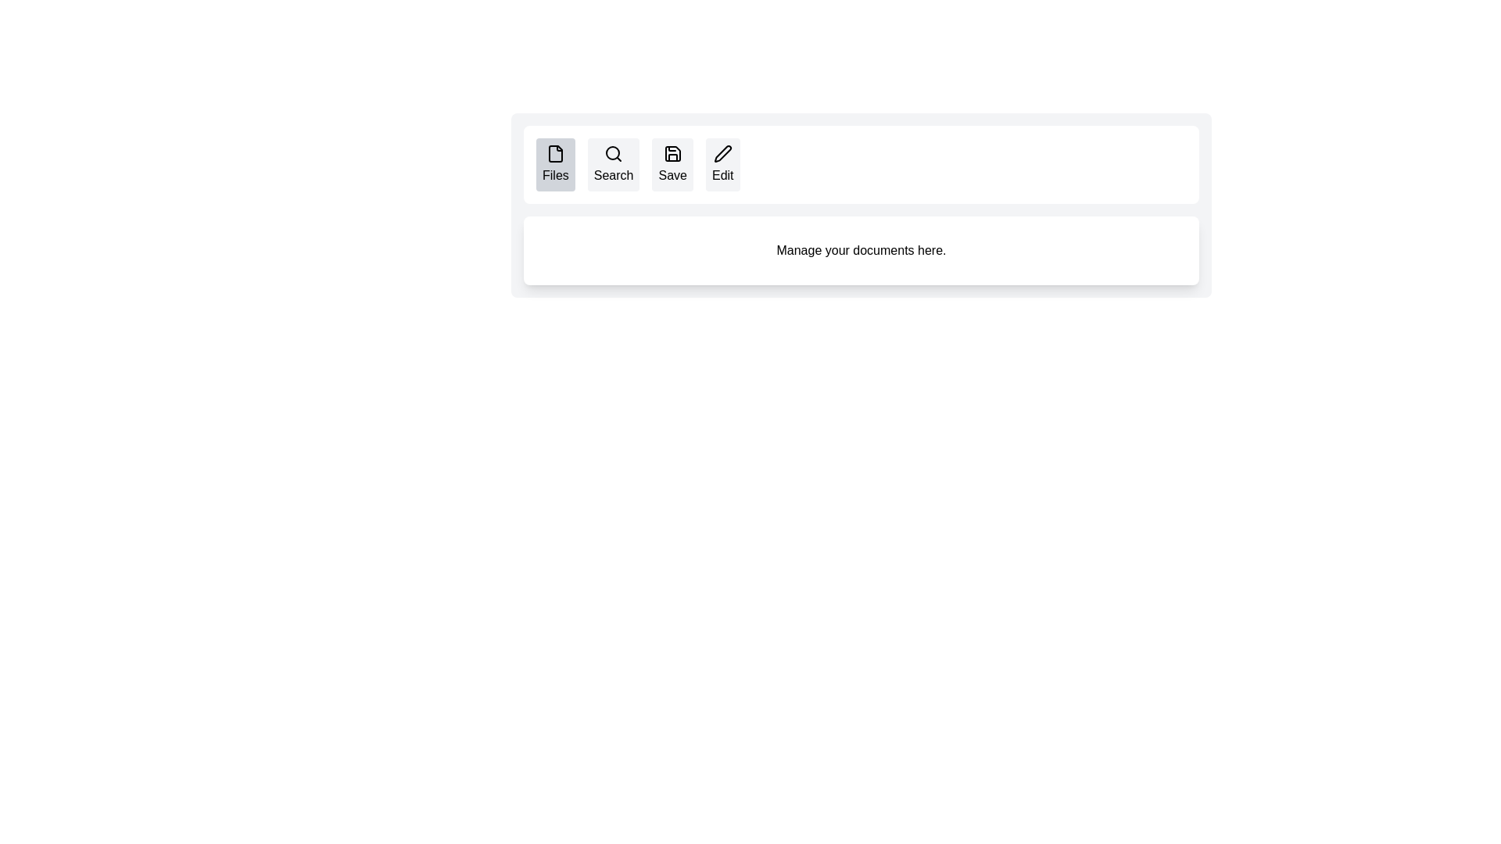 The image size is (1501, 844). I want to click on the Edit tab to inspect its content and layout, so click(722, 165).